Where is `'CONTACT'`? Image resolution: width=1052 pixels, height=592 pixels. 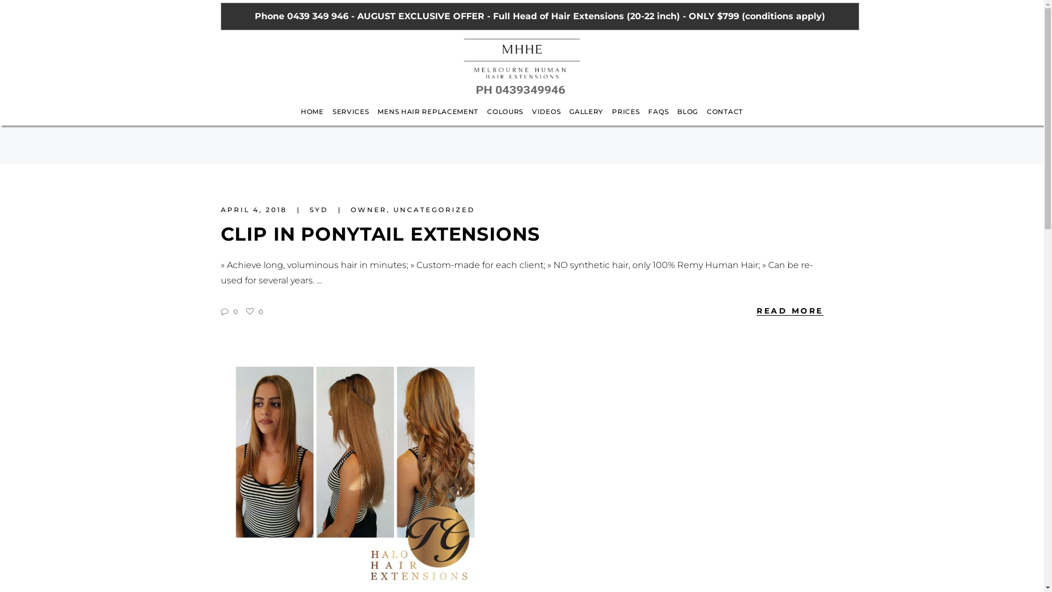 'CONTACT' is located at coordinates (725, 118).